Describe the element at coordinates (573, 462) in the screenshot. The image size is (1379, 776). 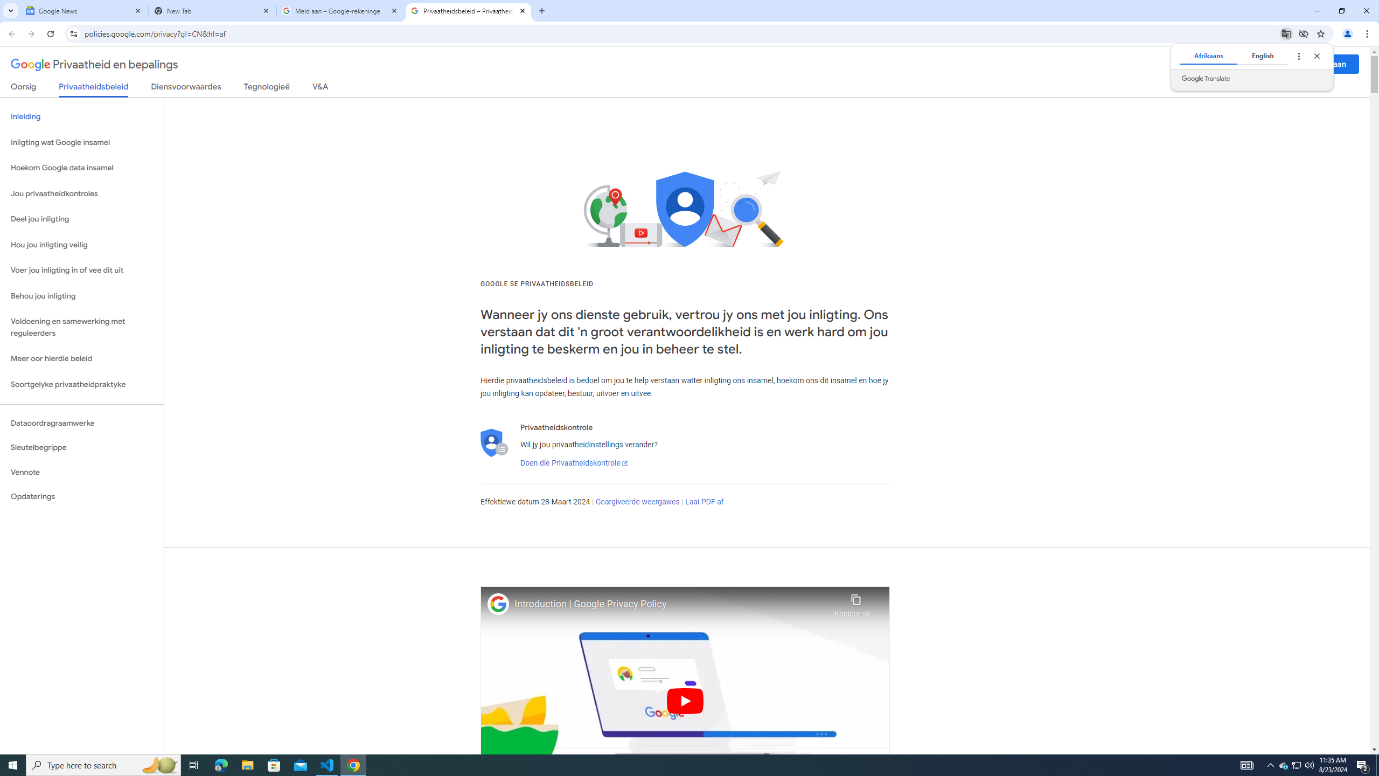
I see `'Doen die Privaatheidskontrole'` at that location.